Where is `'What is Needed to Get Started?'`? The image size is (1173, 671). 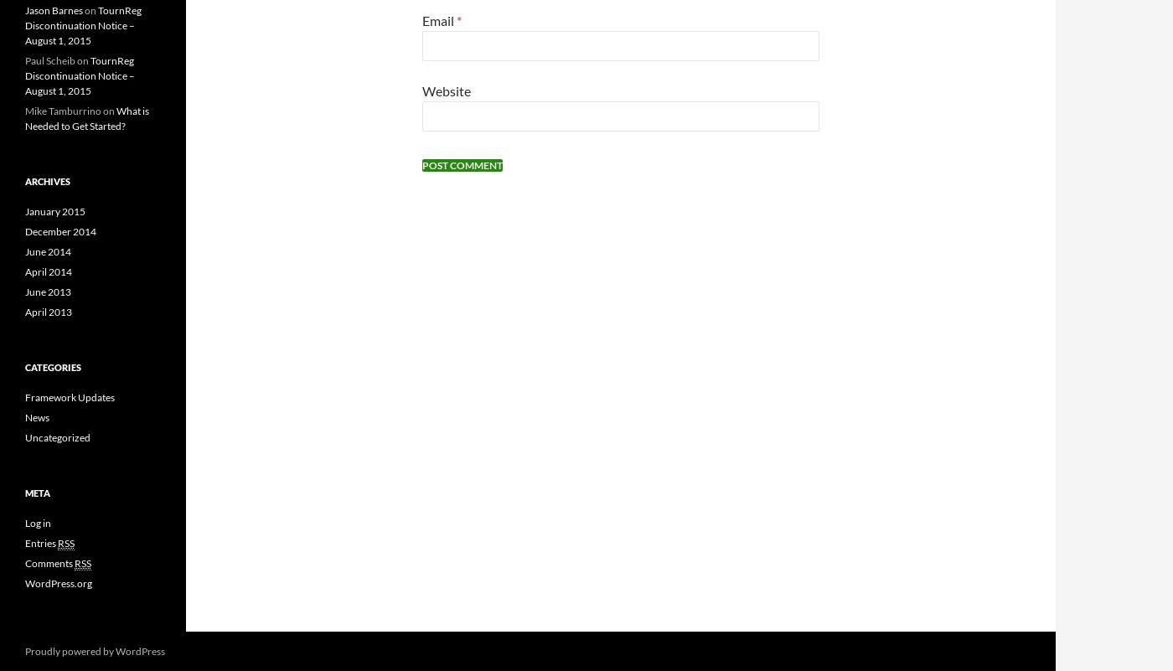 'What is Needed to Get Started?' is located at coordinates (87, 116).